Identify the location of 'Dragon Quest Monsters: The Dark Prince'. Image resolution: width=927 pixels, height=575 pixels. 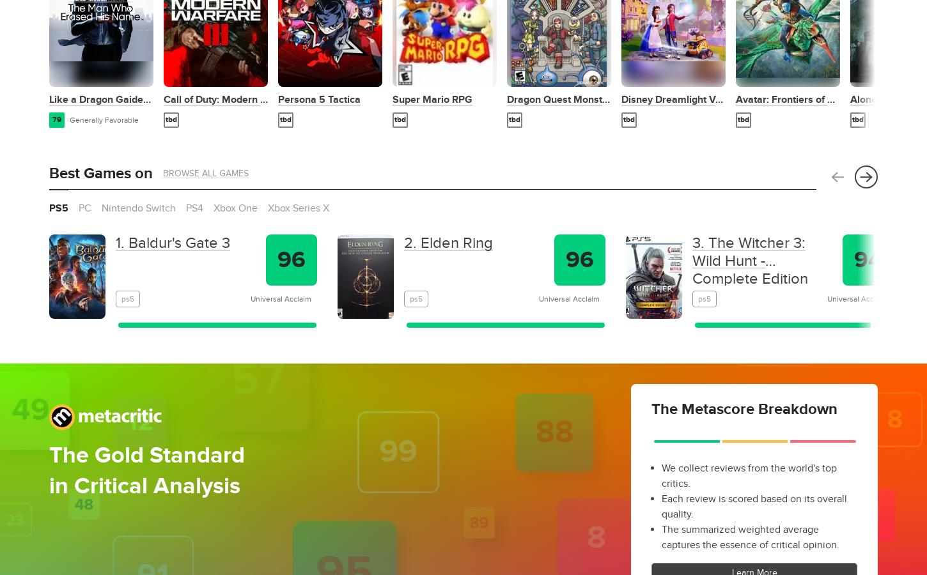
(507, 99).